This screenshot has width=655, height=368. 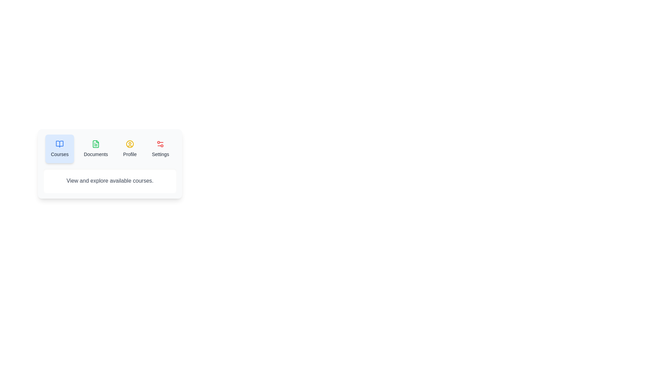 I want to click on the Settings tab to view its content, so click(x=160, y=148).